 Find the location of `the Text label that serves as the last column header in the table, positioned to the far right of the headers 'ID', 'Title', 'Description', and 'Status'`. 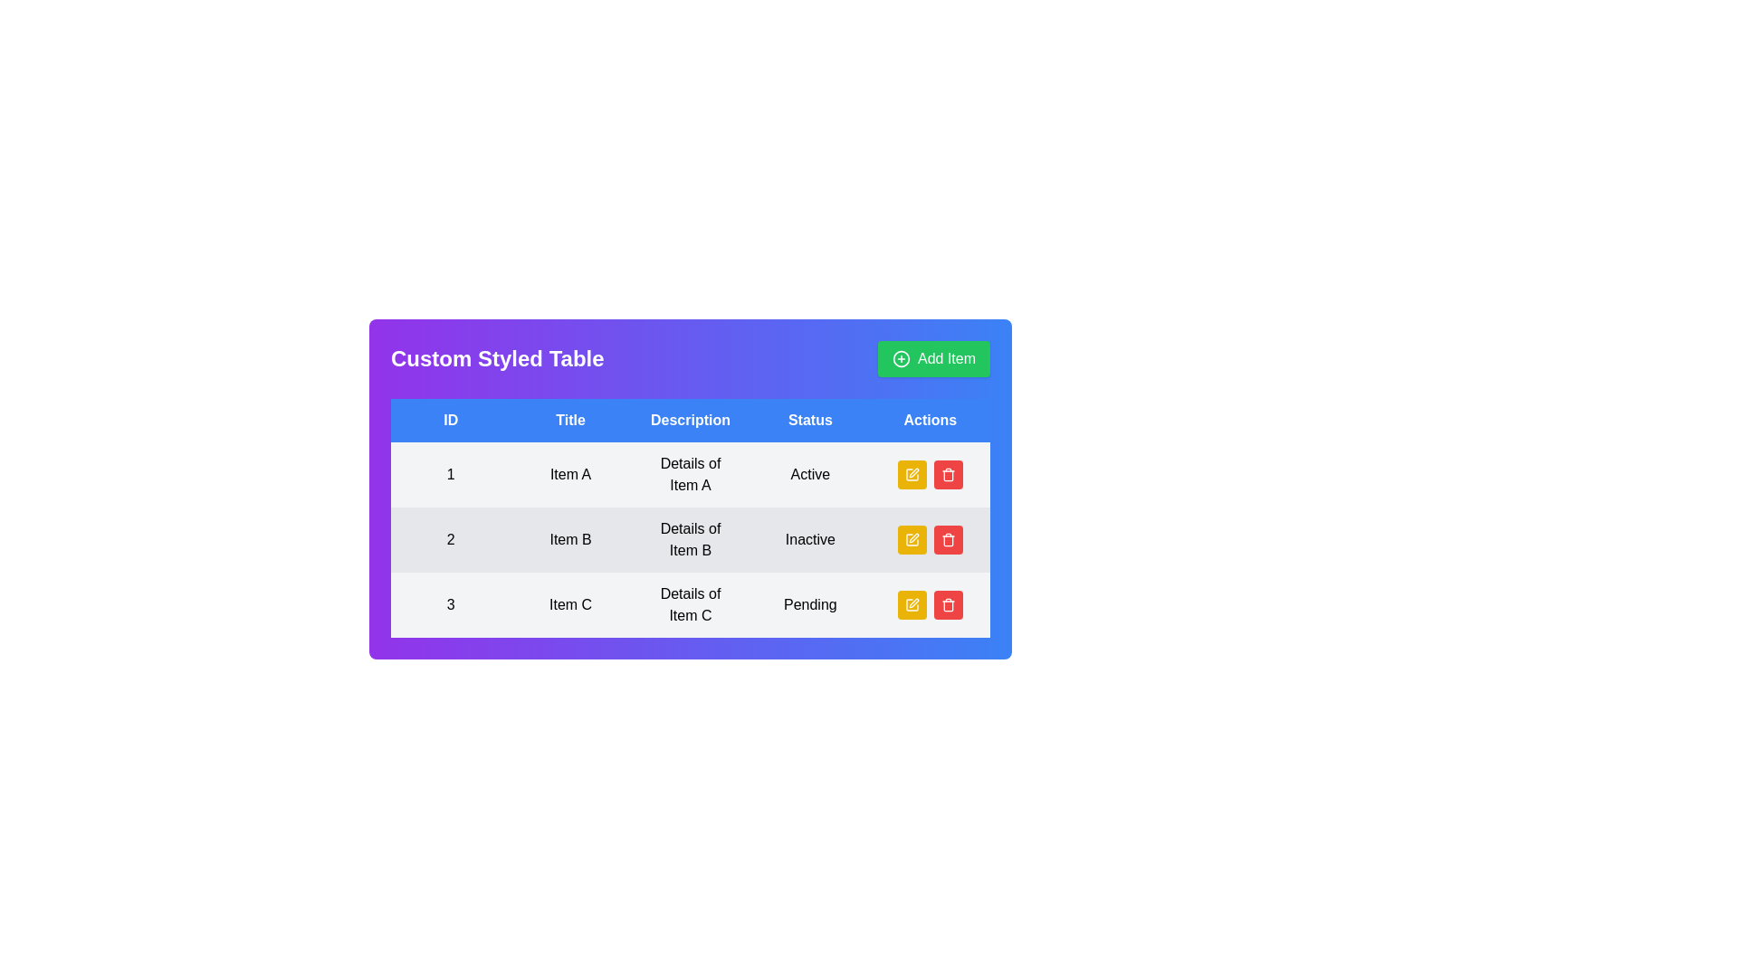

the Text label that serves as the last column header in the table, positioned to the far right of the headers 'ID', 'Title', 'Description', and 'Status' is located at coordinates (930, 421).